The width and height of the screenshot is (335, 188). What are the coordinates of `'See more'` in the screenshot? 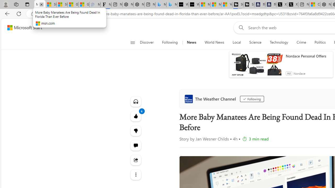 It's located at (136, 174).